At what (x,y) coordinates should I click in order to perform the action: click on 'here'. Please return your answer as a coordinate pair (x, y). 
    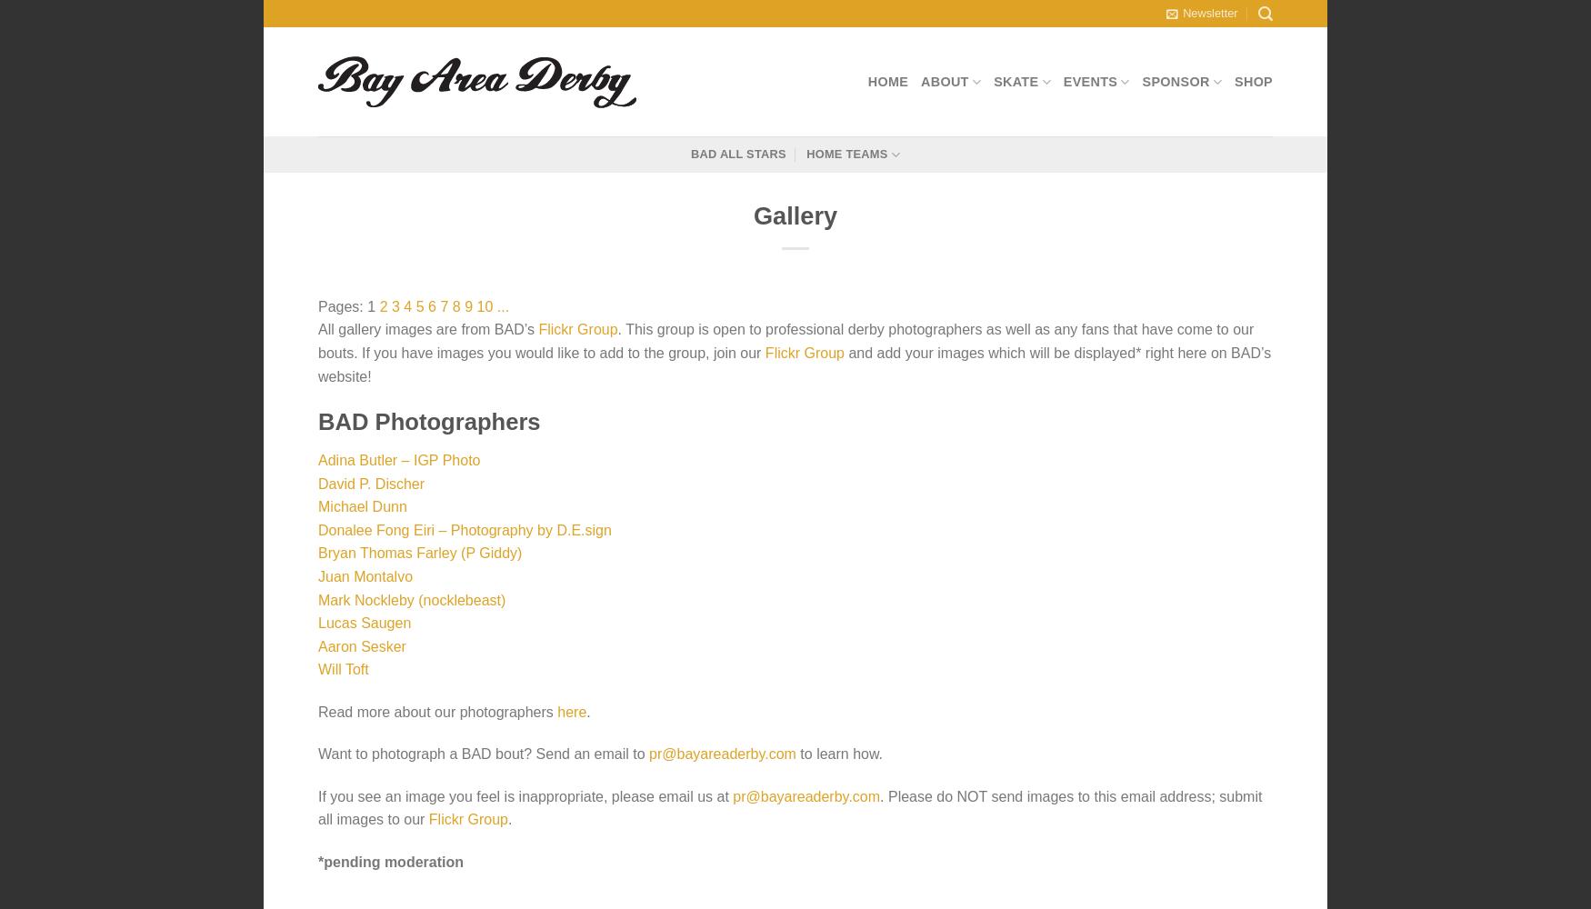
    Looking at the image, I should click on (570, 711).